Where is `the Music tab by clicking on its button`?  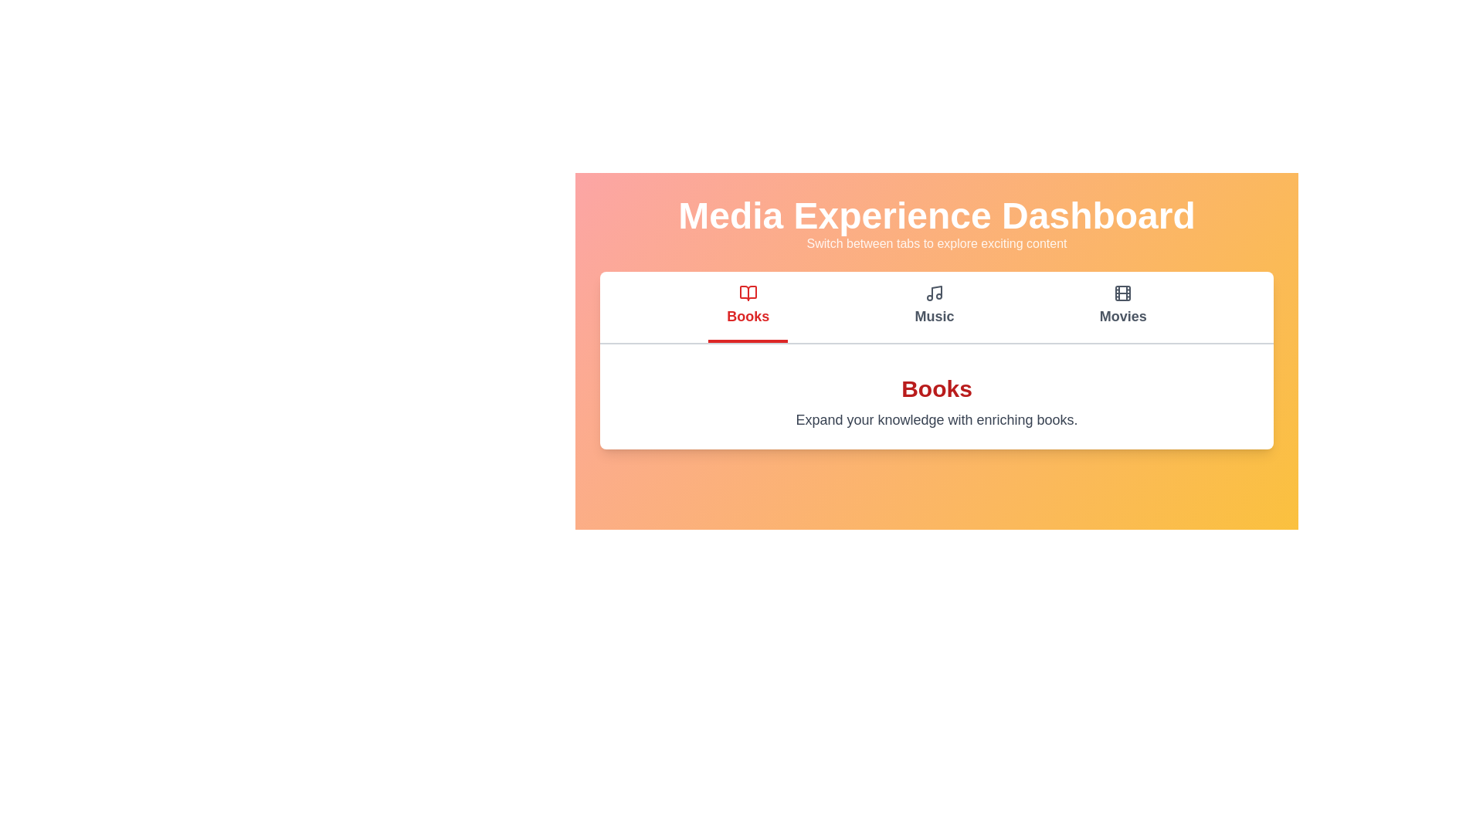
the Music tab by clicking on its button is located at coordinates (933, 307).